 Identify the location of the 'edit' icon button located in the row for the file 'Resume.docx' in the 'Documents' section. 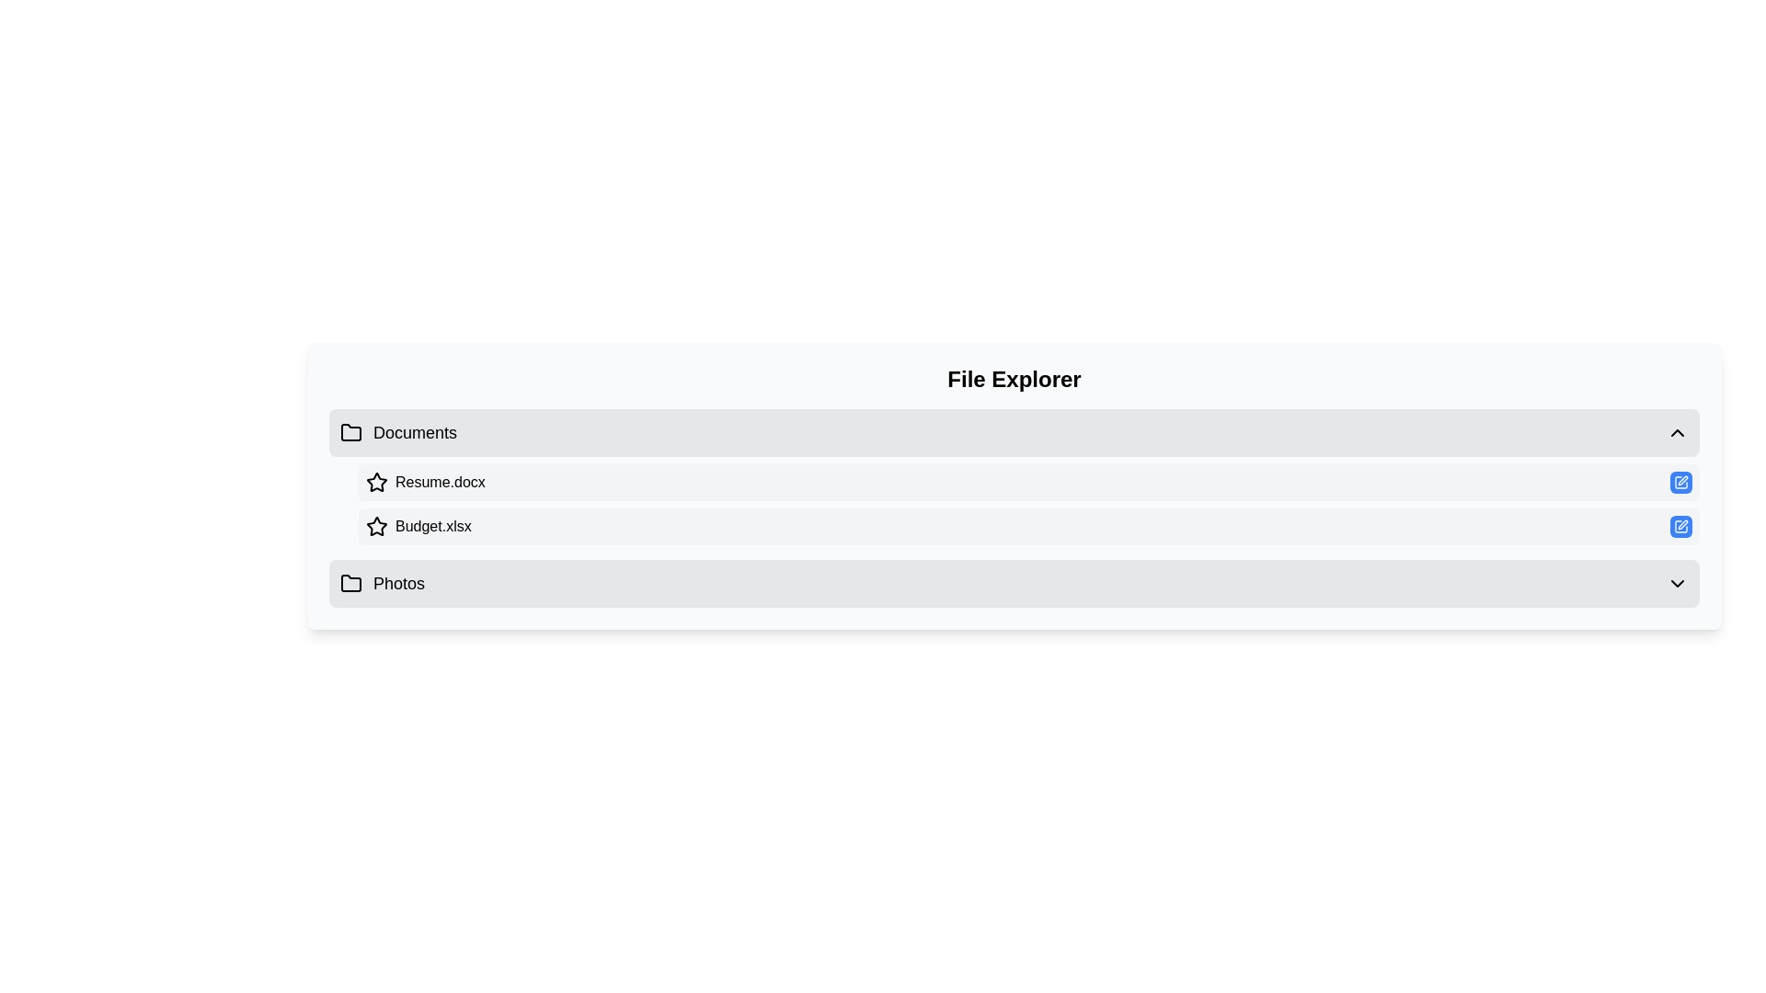
(1682, 480).